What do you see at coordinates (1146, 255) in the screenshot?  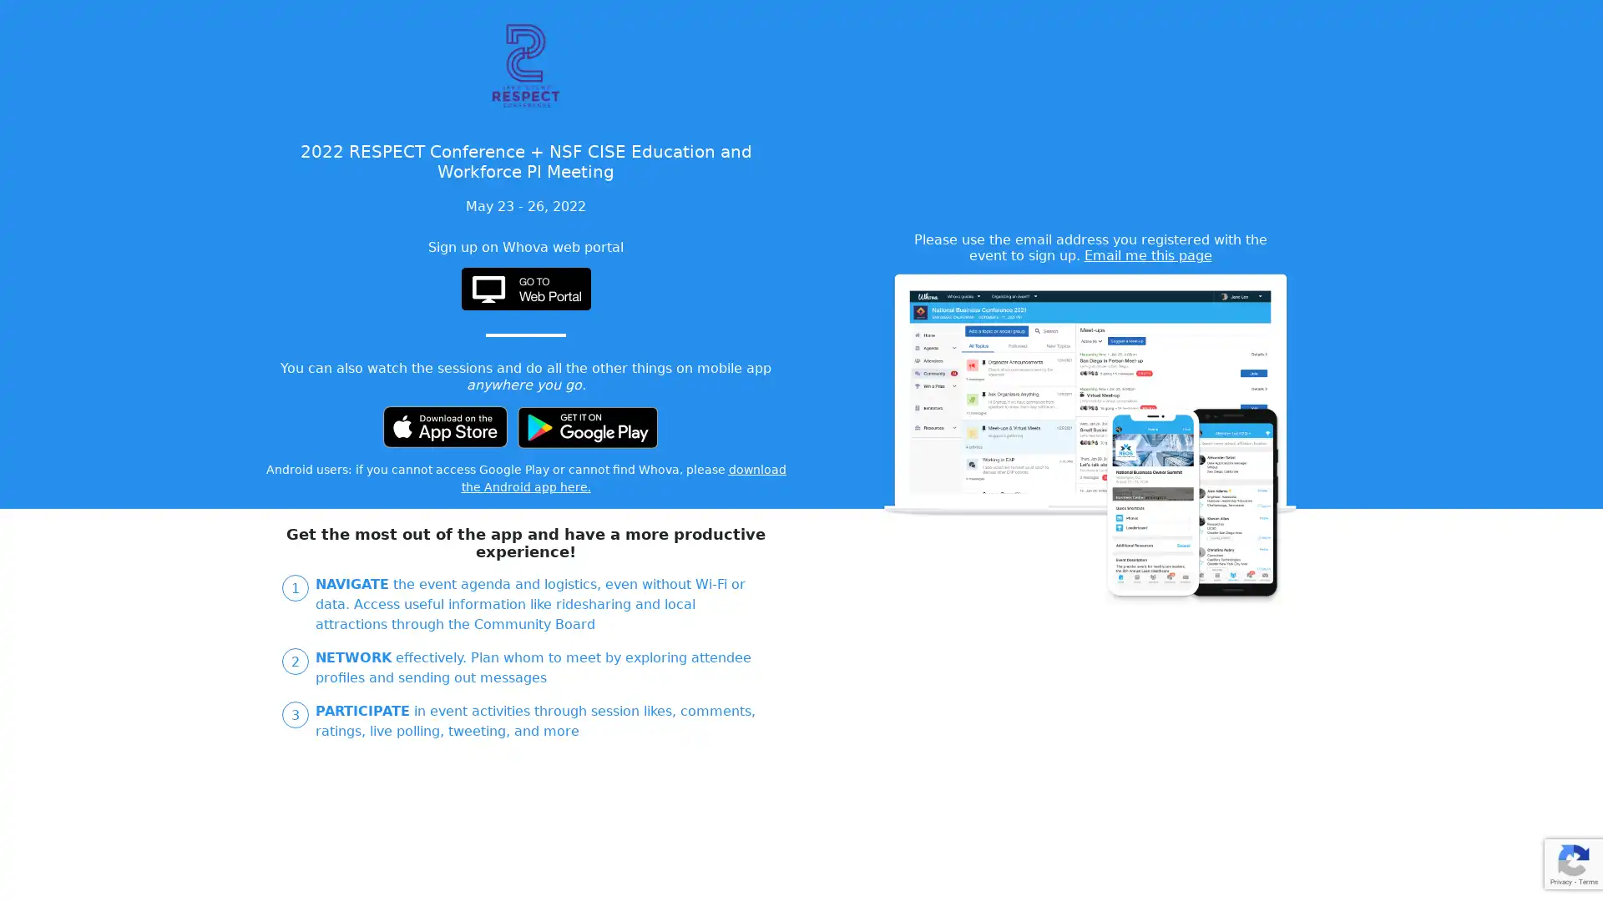 I see `Email me this page` at bounding box center [1146, 255].